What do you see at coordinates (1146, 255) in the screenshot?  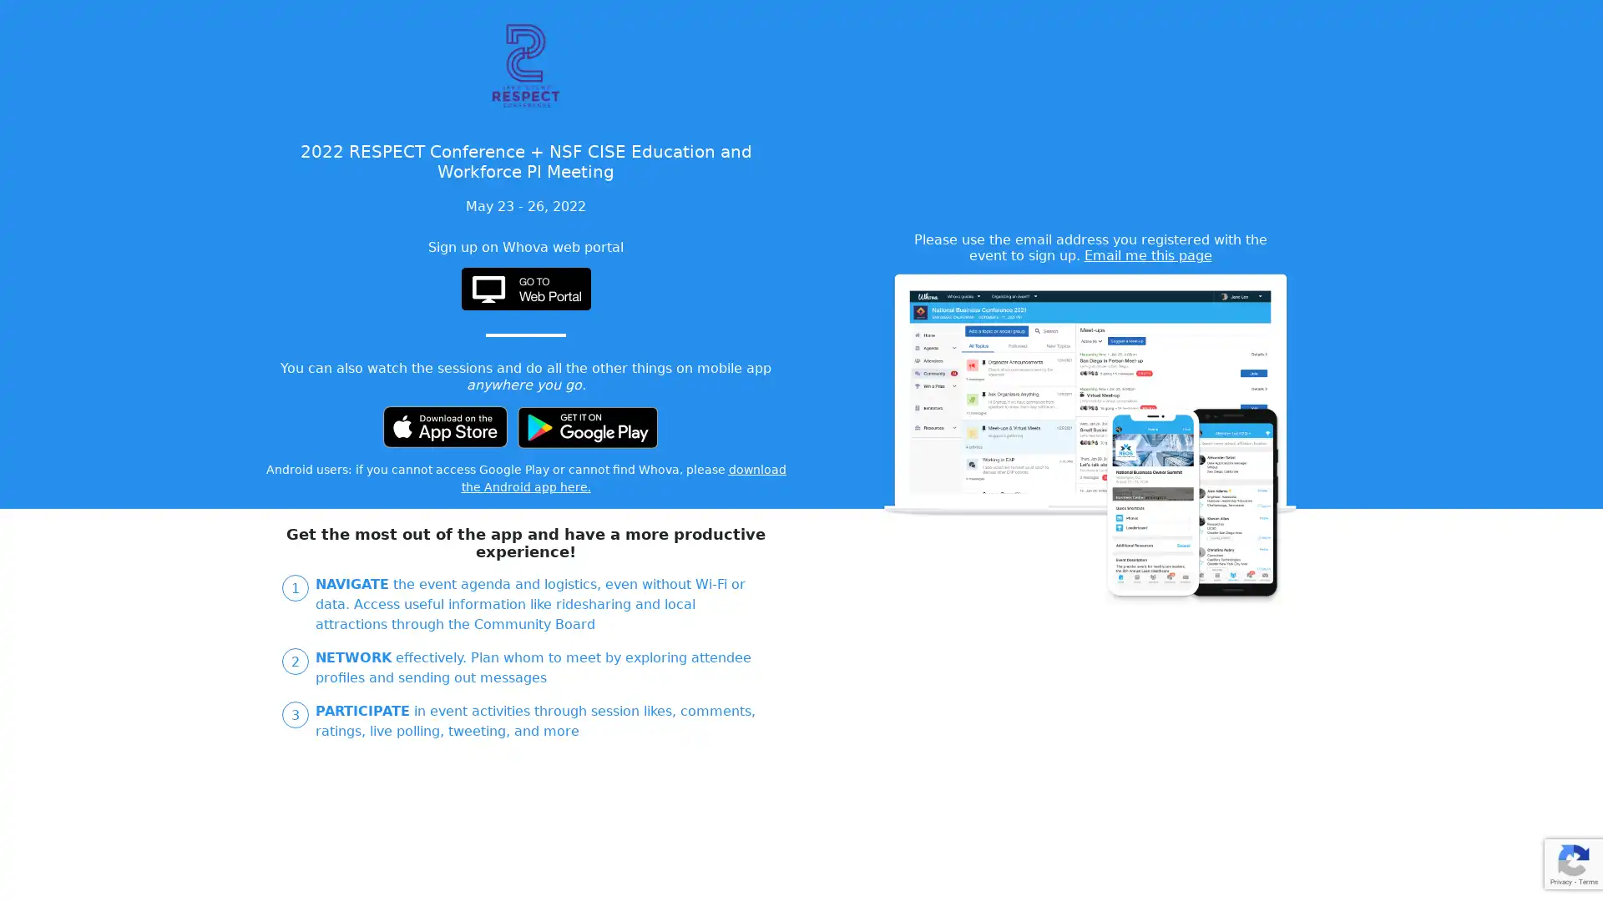 I see `Email me this page` at bounding box center [1146, 255].